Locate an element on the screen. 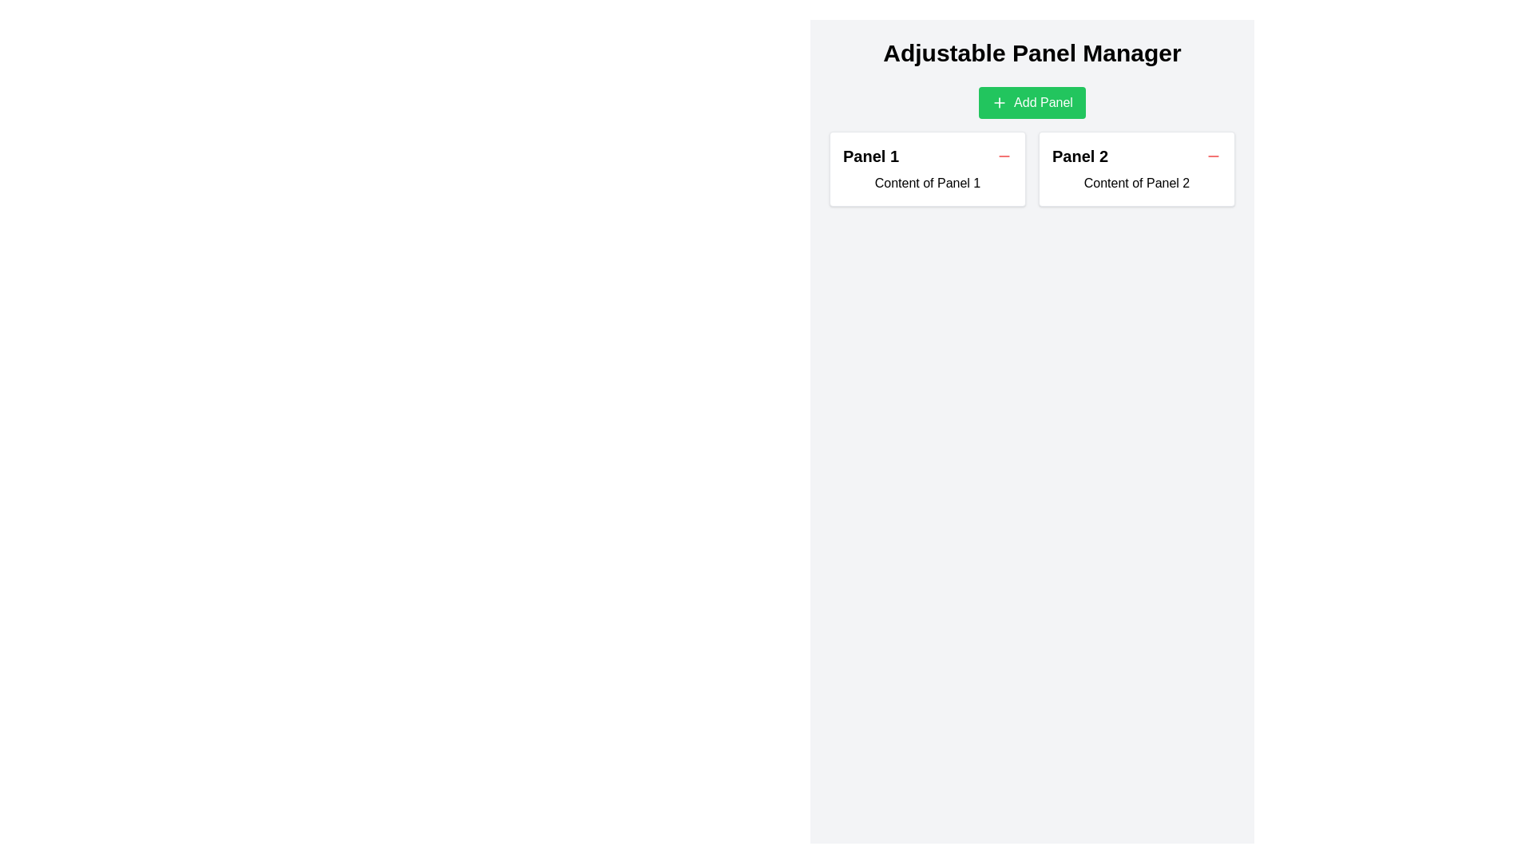 Image resolution: width=1533 pixels, height=862 pixels. the small red minus icon button located in the header of 'Panel 2' is located at coordinates (1214, 156).